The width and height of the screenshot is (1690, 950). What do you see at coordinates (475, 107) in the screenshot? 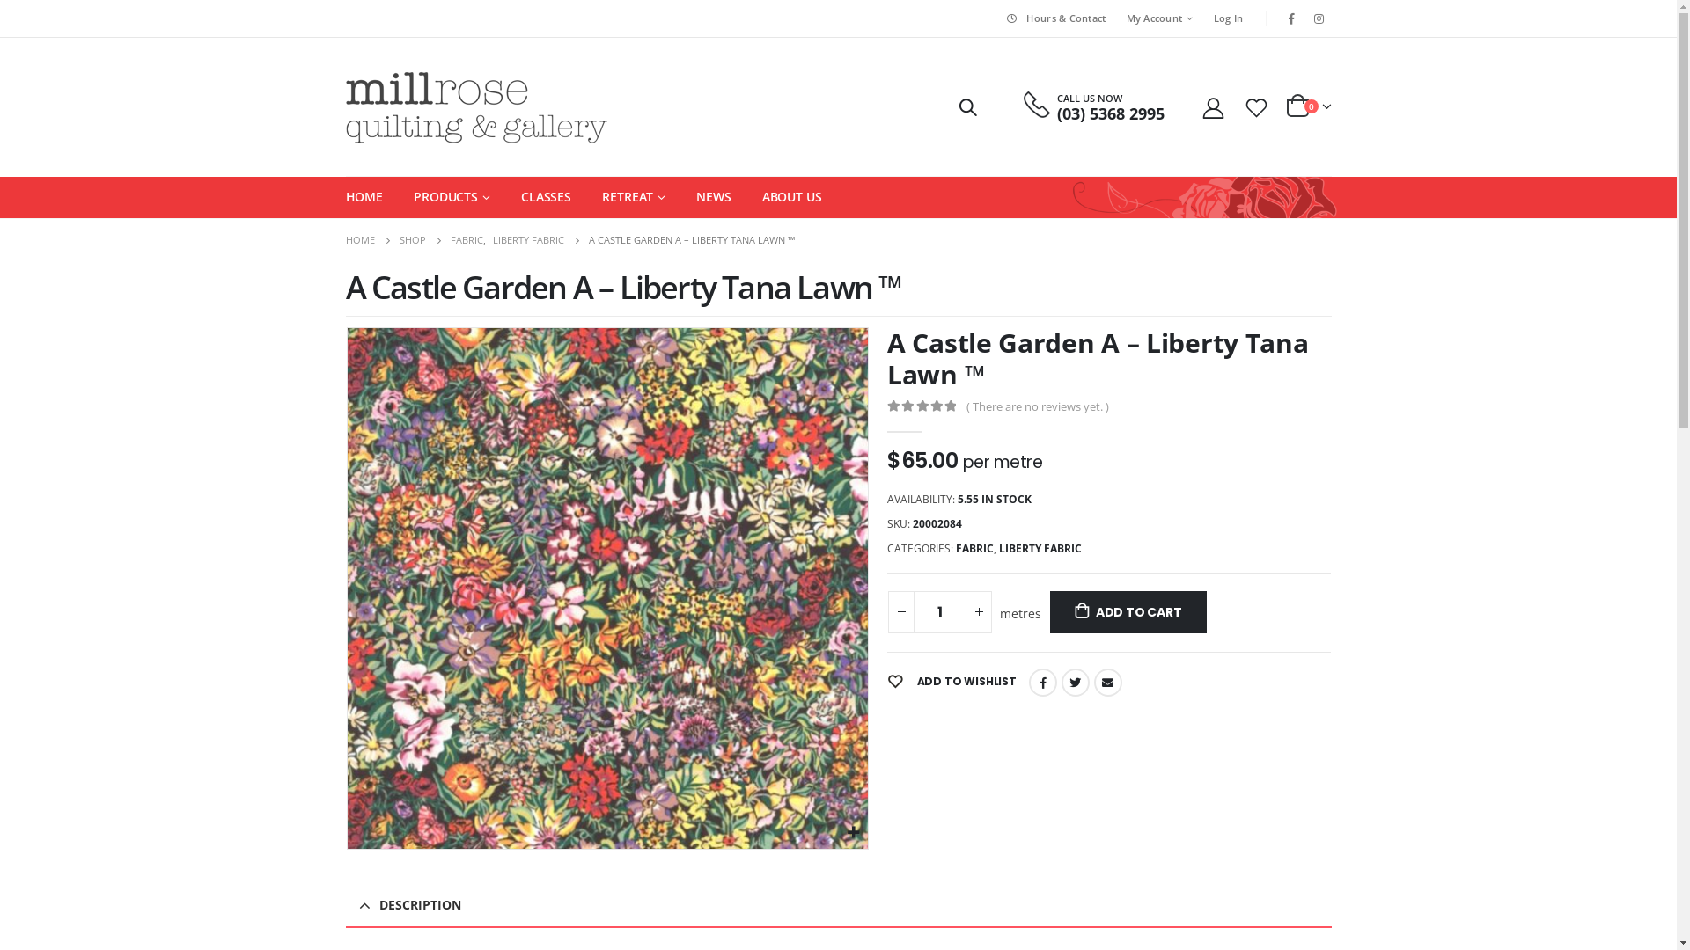
I see `'Millrose Quilting & Gallery - '` at bounding box center [475, 107].